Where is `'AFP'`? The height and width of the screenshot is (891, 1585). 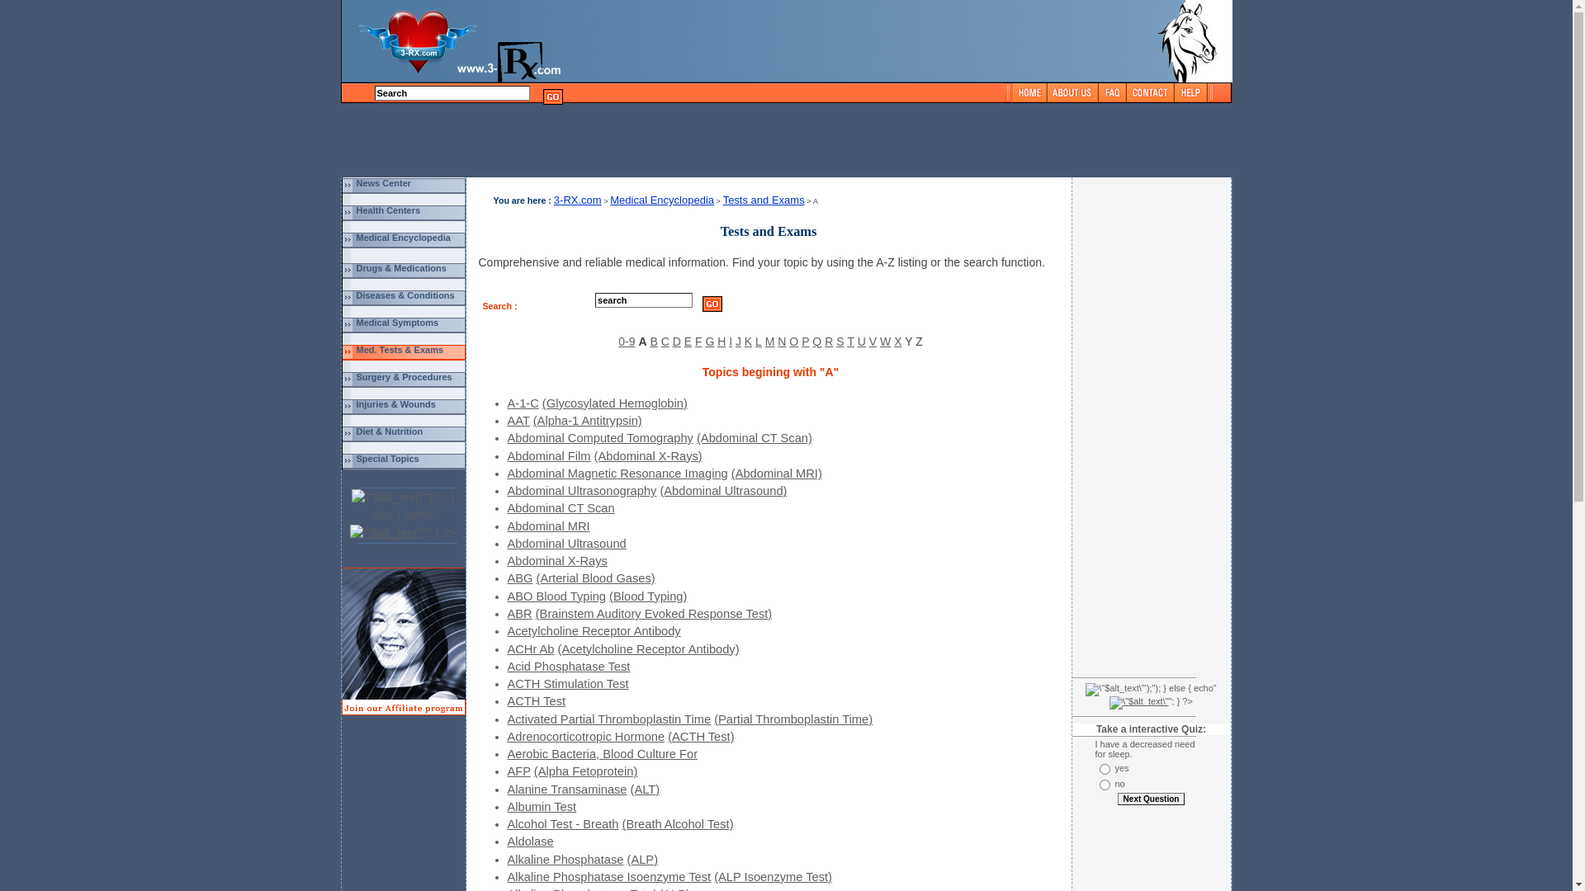
'AFP' is located at coordinates (518, 771).